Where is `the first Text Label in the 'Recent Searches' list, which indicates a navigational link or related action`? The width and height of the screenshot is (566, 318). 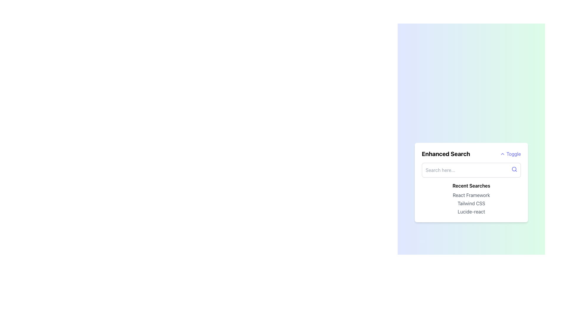
the first Text Label in the 'Recent Searches' list, which indicates a navigational link or related action is located at coordinates (471, 195).